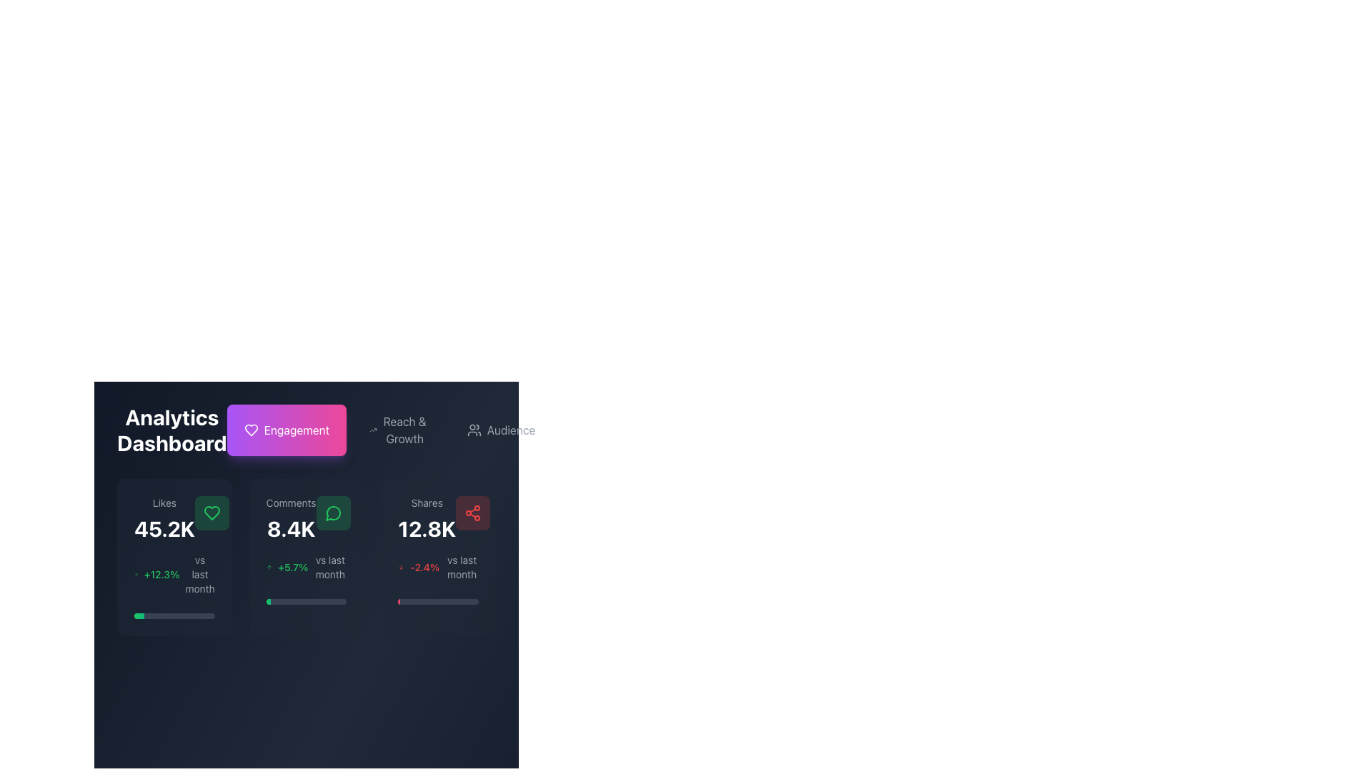 Image resolution: width=1372 pixels, height=772 pixels. Describe the element at coordinates (426, 518) in the screenshot. I see `the 'Shares' static text displaying the numerical statistic '12.8K', which is located on the right side of the grid, third in the sequence among similar elements ('Likes' and 'Comments')` at that location.